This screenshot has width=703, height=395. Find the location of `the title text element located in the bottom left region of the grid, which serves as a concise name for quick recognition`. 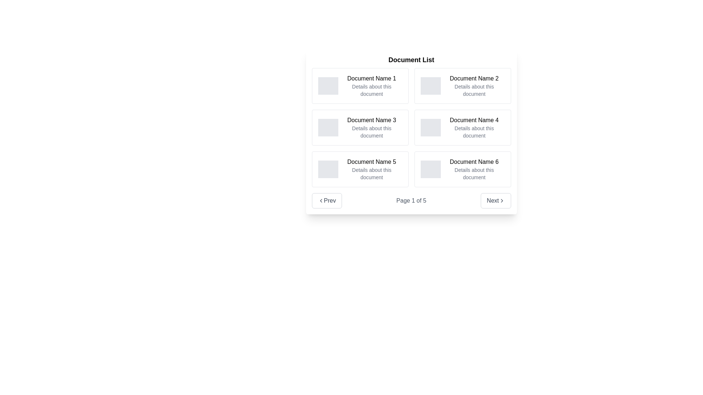

the title text element located in the bottom left region of the grid, which serves as a concise name for quick recognition is located at coordinates (372, 162).